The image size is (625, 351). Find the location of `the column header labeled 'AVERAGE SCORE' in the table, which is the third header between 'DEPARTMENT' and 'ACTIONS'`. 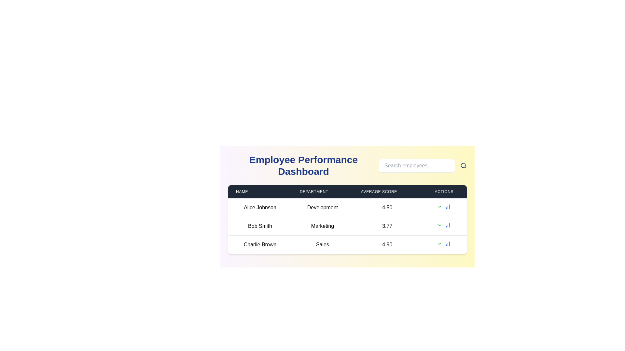

the column header labeled 'AVERAGE SCORE' in the table, which is the third header between 'DEPARTMENT' and 'ACTIONS' is located at coordinates (387, 191).